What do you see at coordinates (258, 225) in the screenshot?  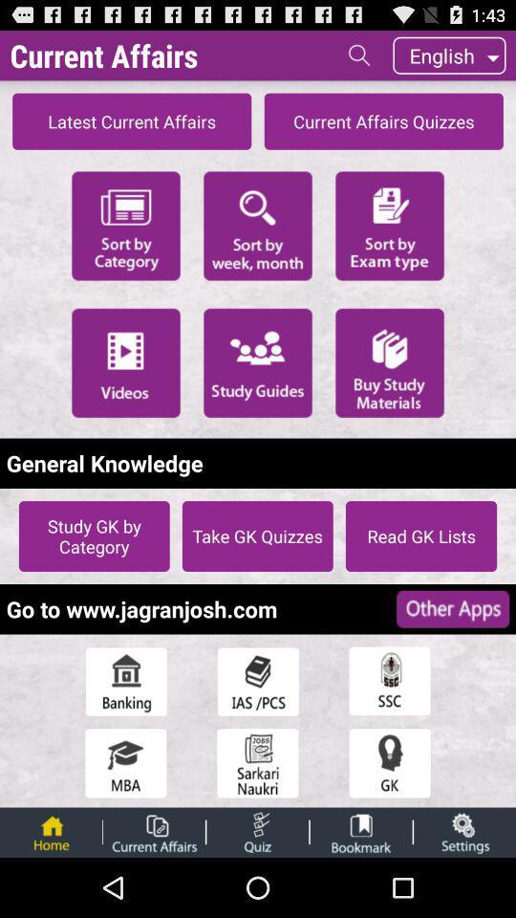 I see `sort` at bounding box center [258, 225].